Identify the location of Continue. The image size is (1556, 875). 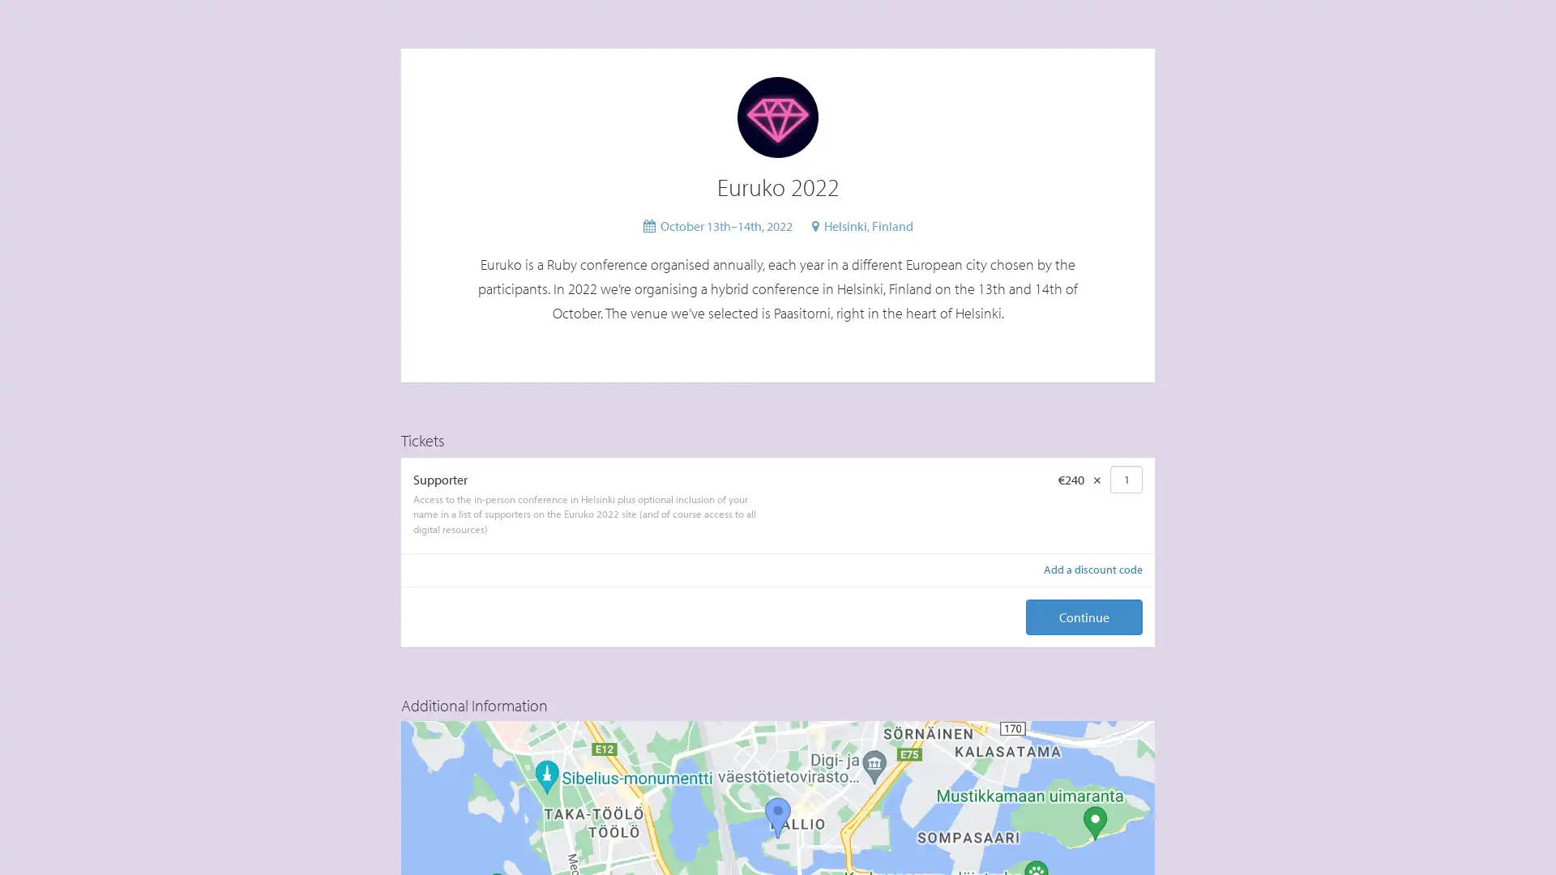
(1084, 617).